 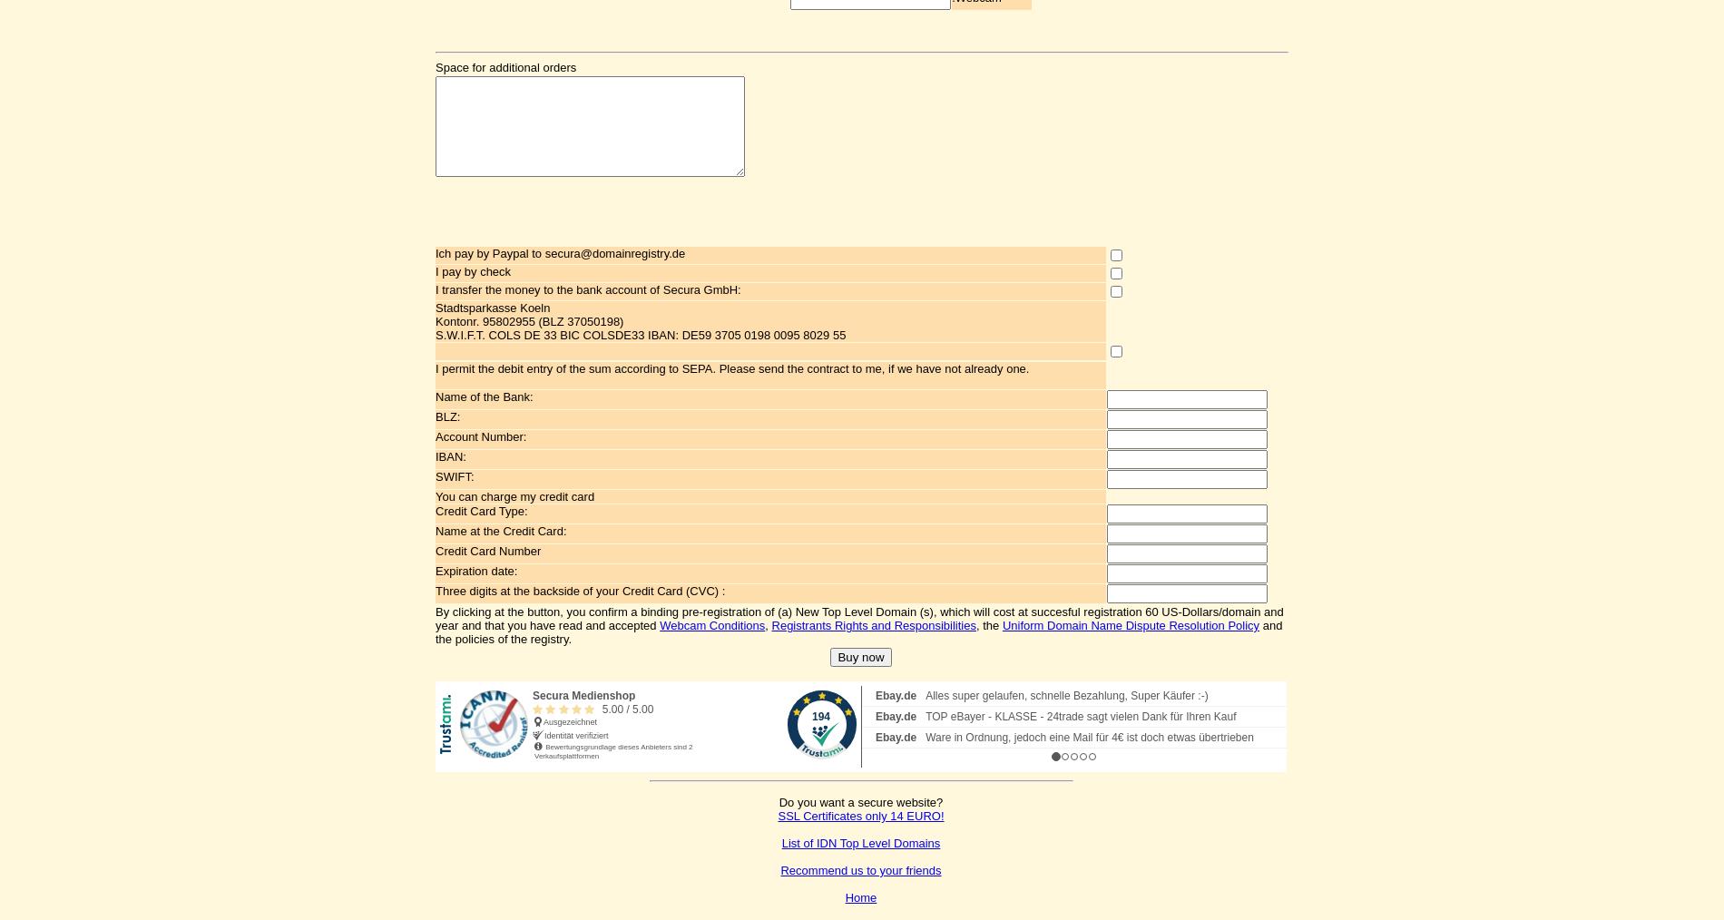 I want to click on 'Account Number:', so click(x=480, y=436).